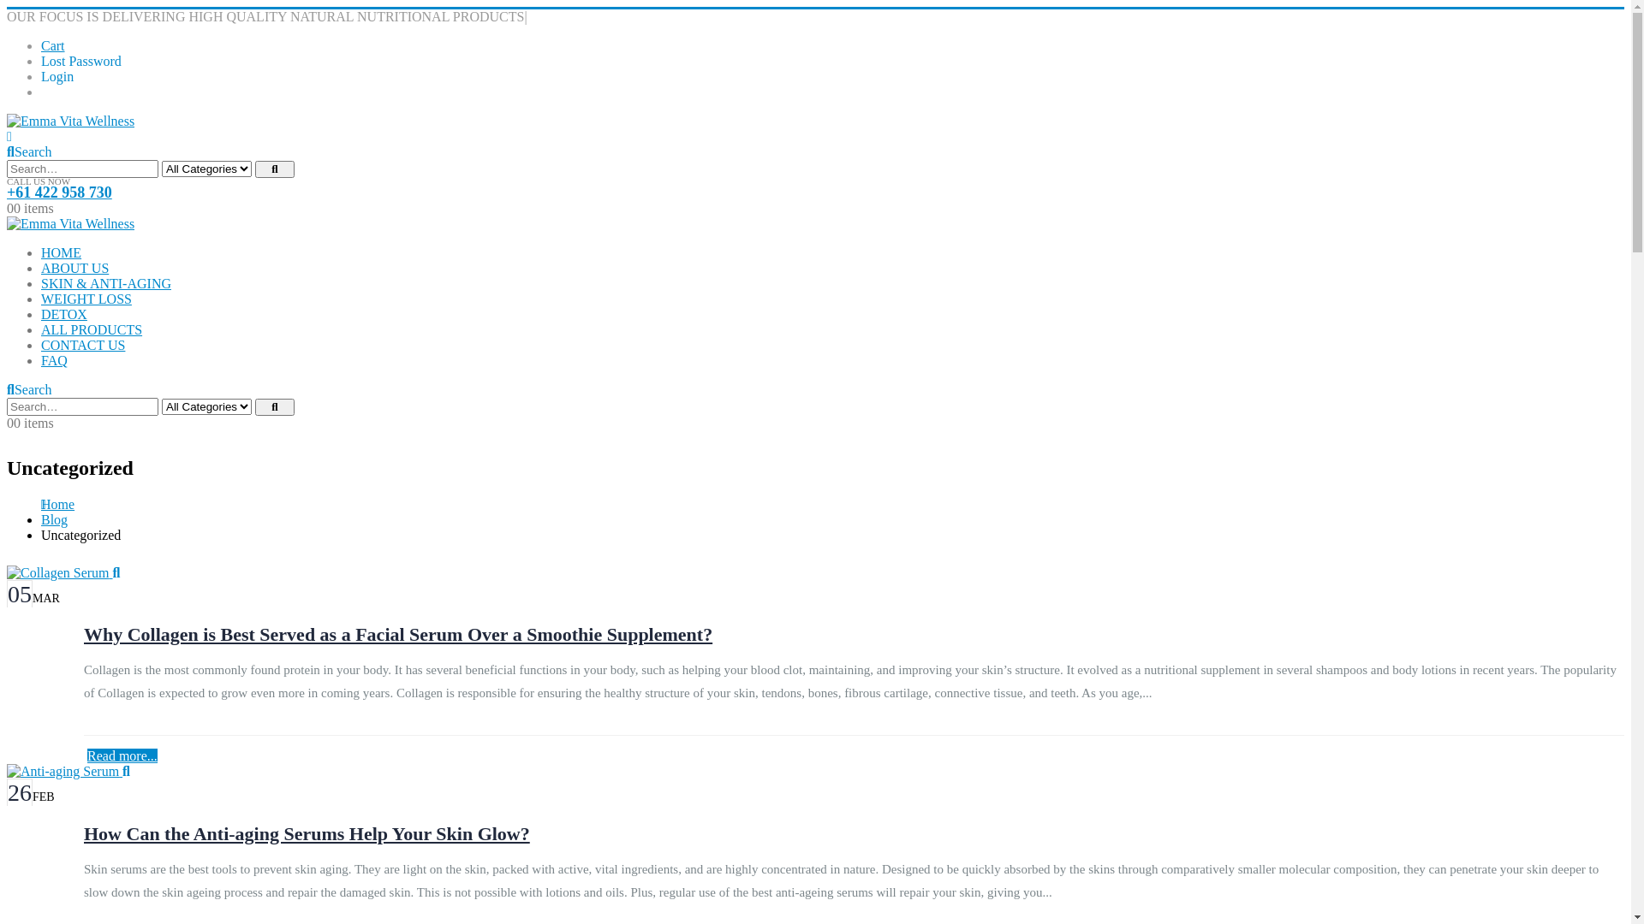 The width and height of the screenshot is (1644, 924). Describe the element at coordinates (90, 329) in the screenshot. I see `'ALL PRODUCTS'` at that location.